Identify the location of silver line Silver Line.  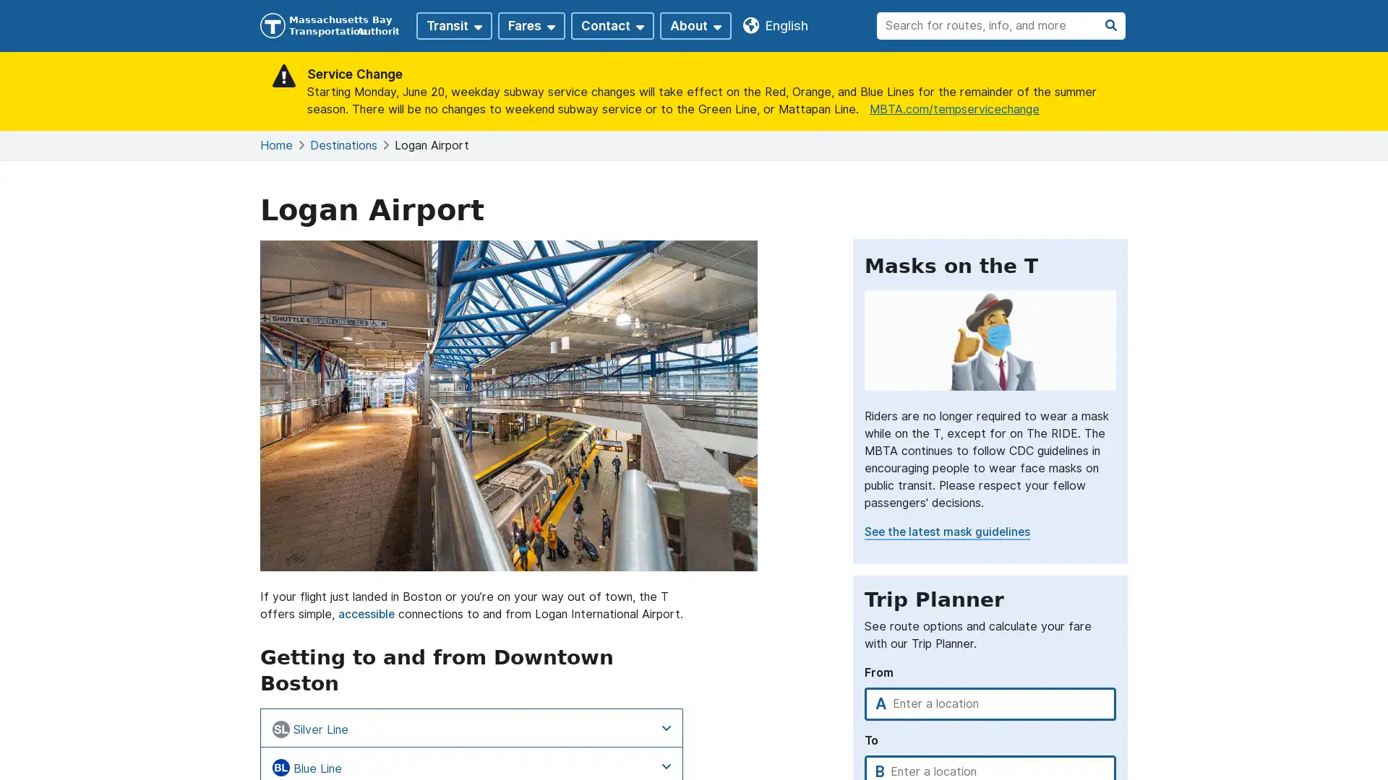
(471, 727).